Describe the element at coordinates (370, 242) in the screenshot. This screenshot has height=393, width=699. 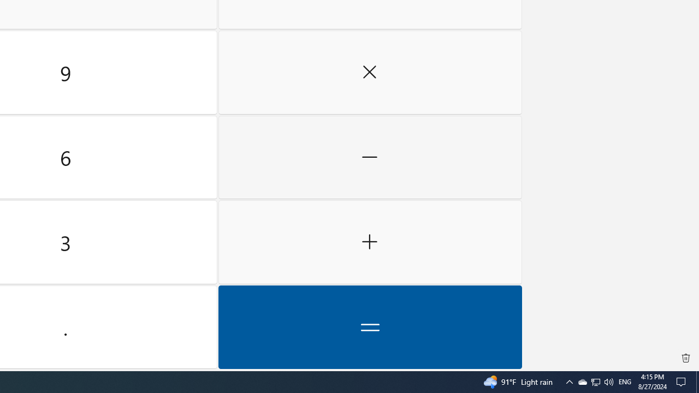
I see `'Plus'` at that location.